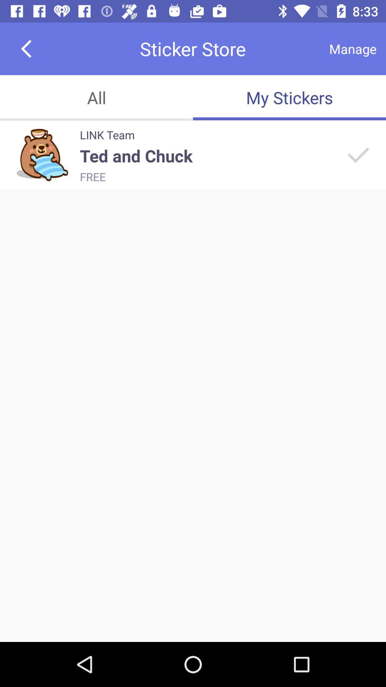  I want to click on the icon next to sticker store item, so click(352, 48).